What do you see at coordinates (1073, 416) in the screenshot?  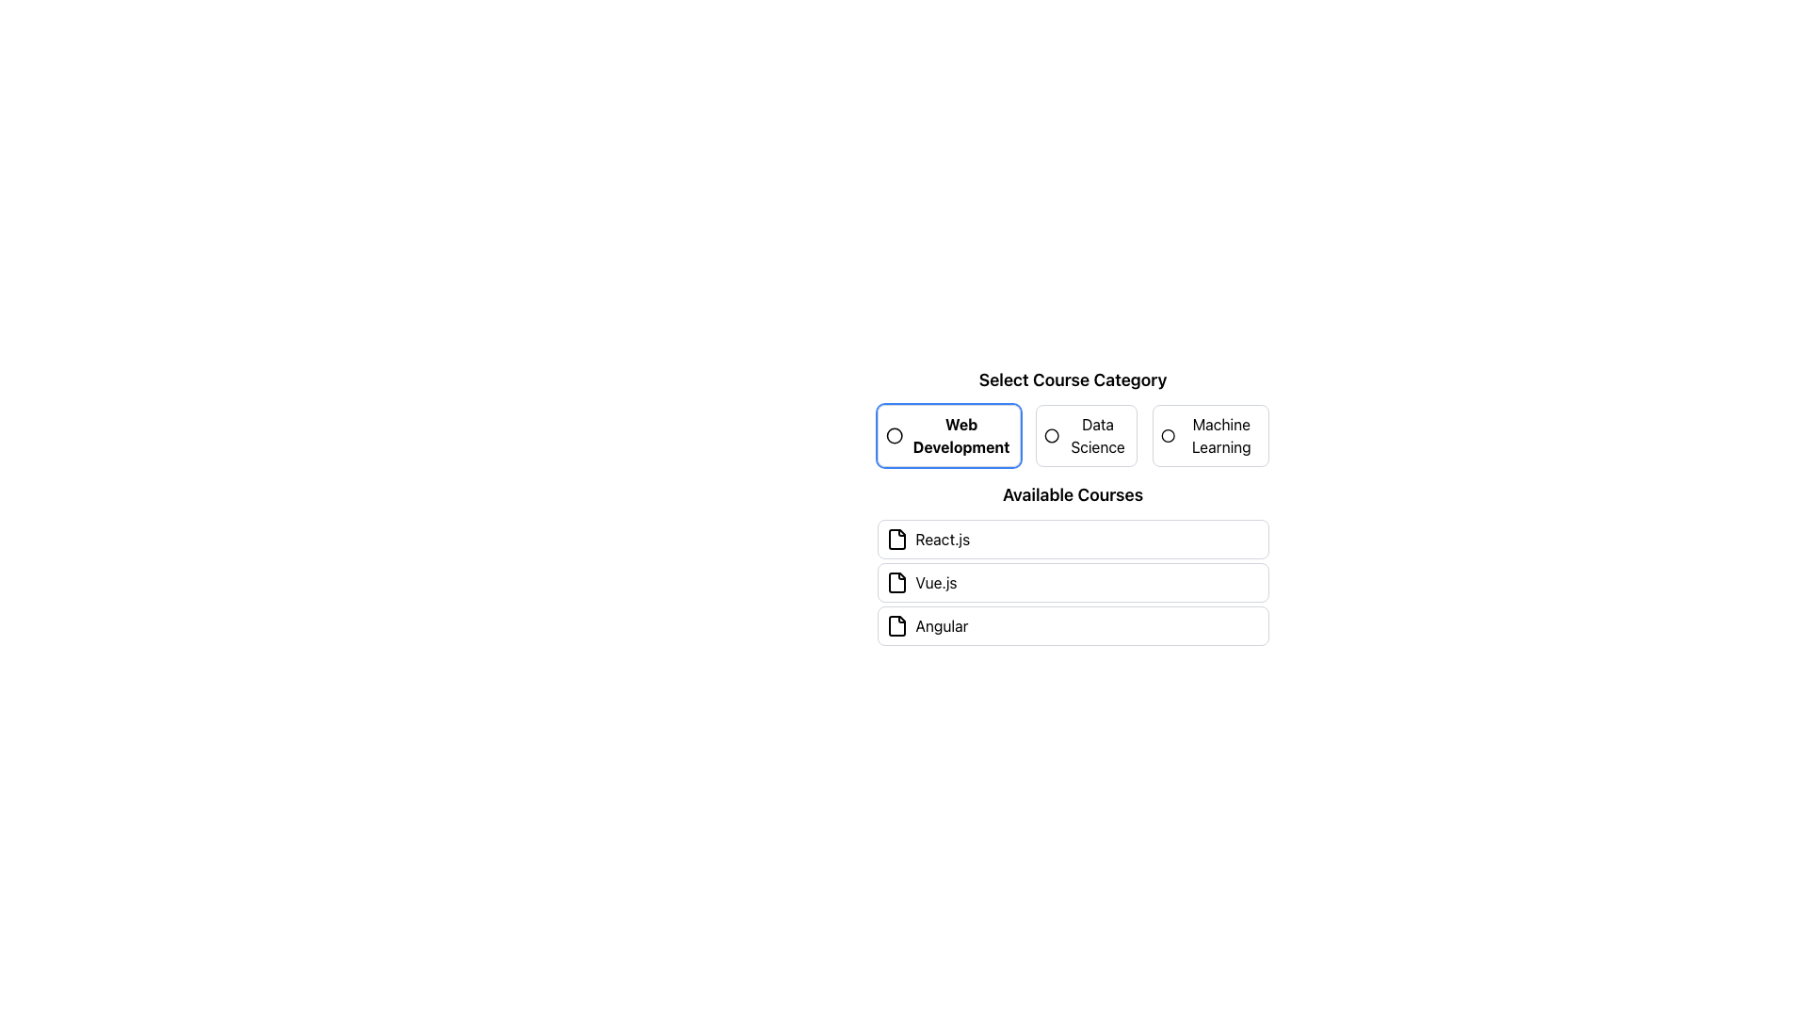 I see `keyboard navigation` at bounding box center [1073, 416].